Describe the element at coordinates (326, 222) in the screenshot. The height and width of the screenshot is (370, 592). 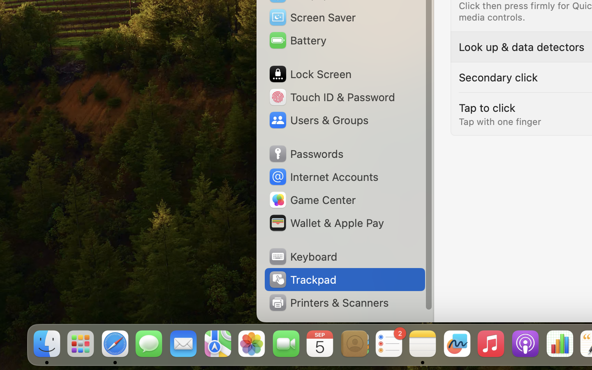
I see `'Wallet & Apple Pay'` at that location.